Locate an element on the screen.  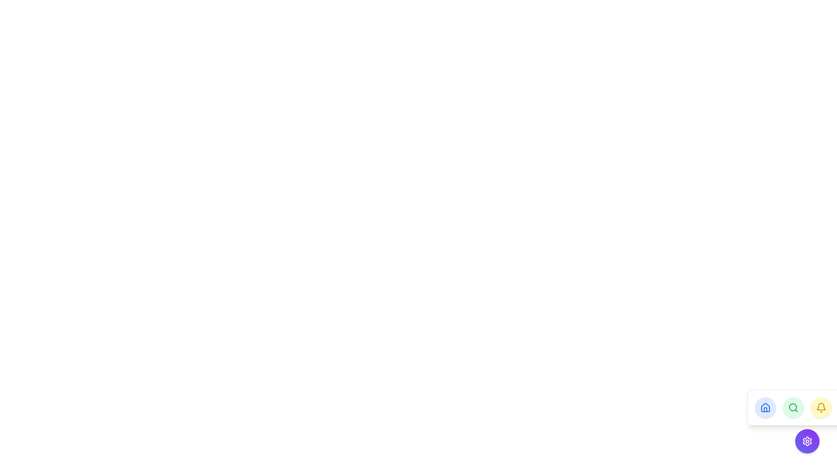
the Settings Icon, which is a gear icon located in the bottom-right corner of the interface is located at coordinates (807, 441).